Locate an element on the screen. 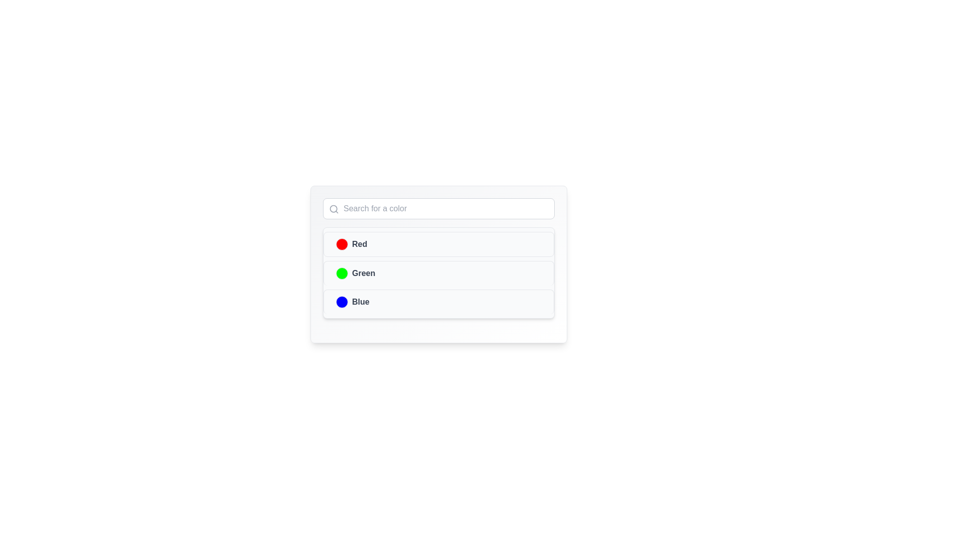 This screenshot has width=963, height=542. the SVG circle element styled as part of a magnifying glass icon located in the top-left corner of the search input field is located at coordinates (334, 208).